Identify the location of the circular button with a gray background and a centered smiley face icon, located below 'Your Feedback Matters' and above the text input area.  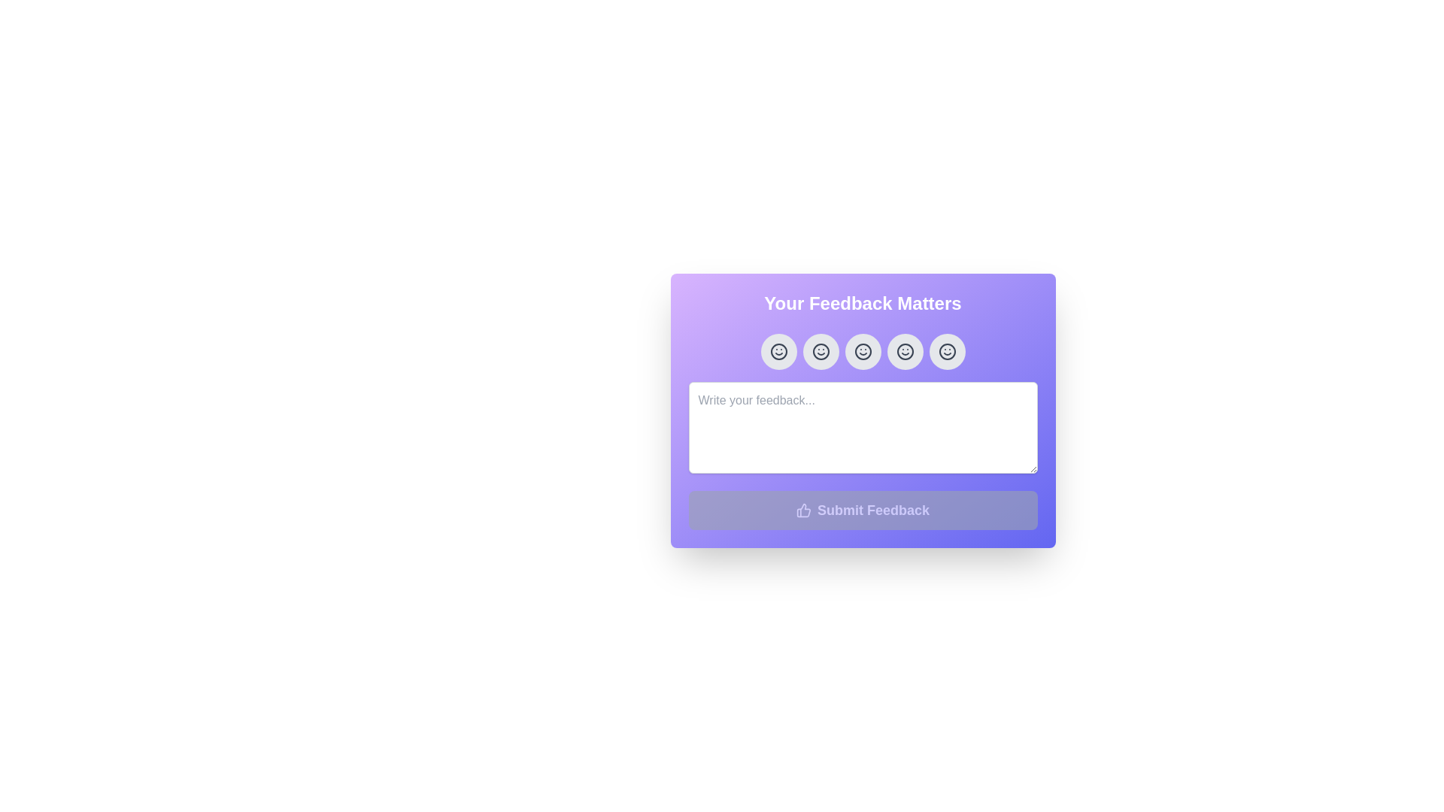
(778, 351).